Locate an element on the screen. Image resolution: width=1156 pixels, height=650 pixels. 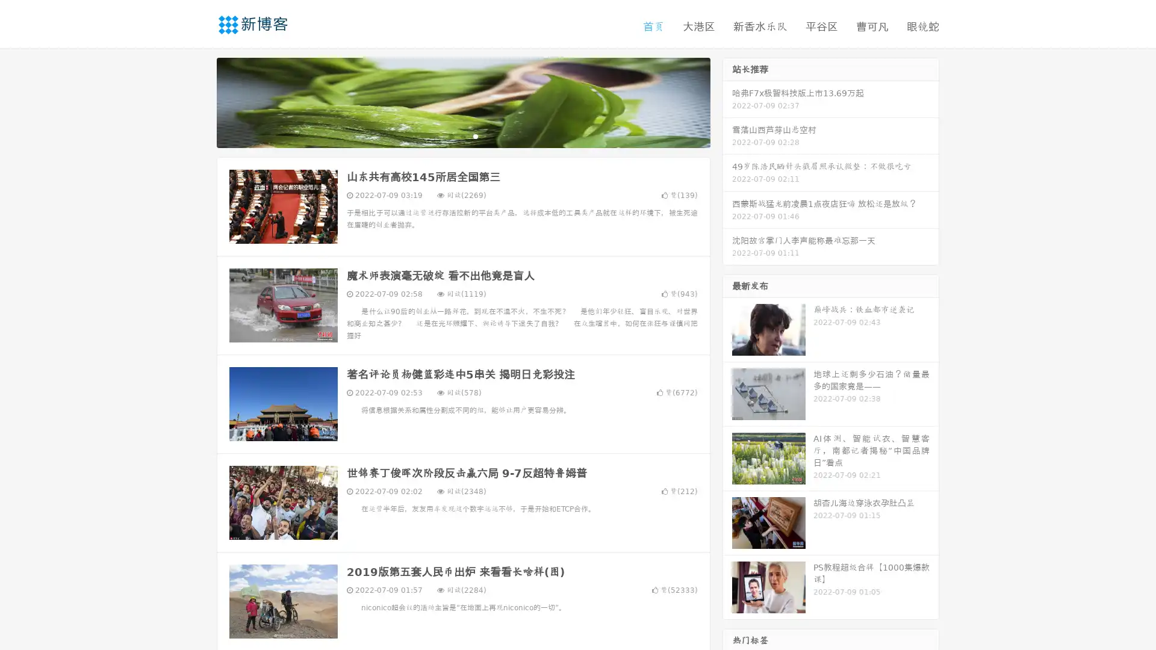
Next slide is located at coordinates (727, 101).